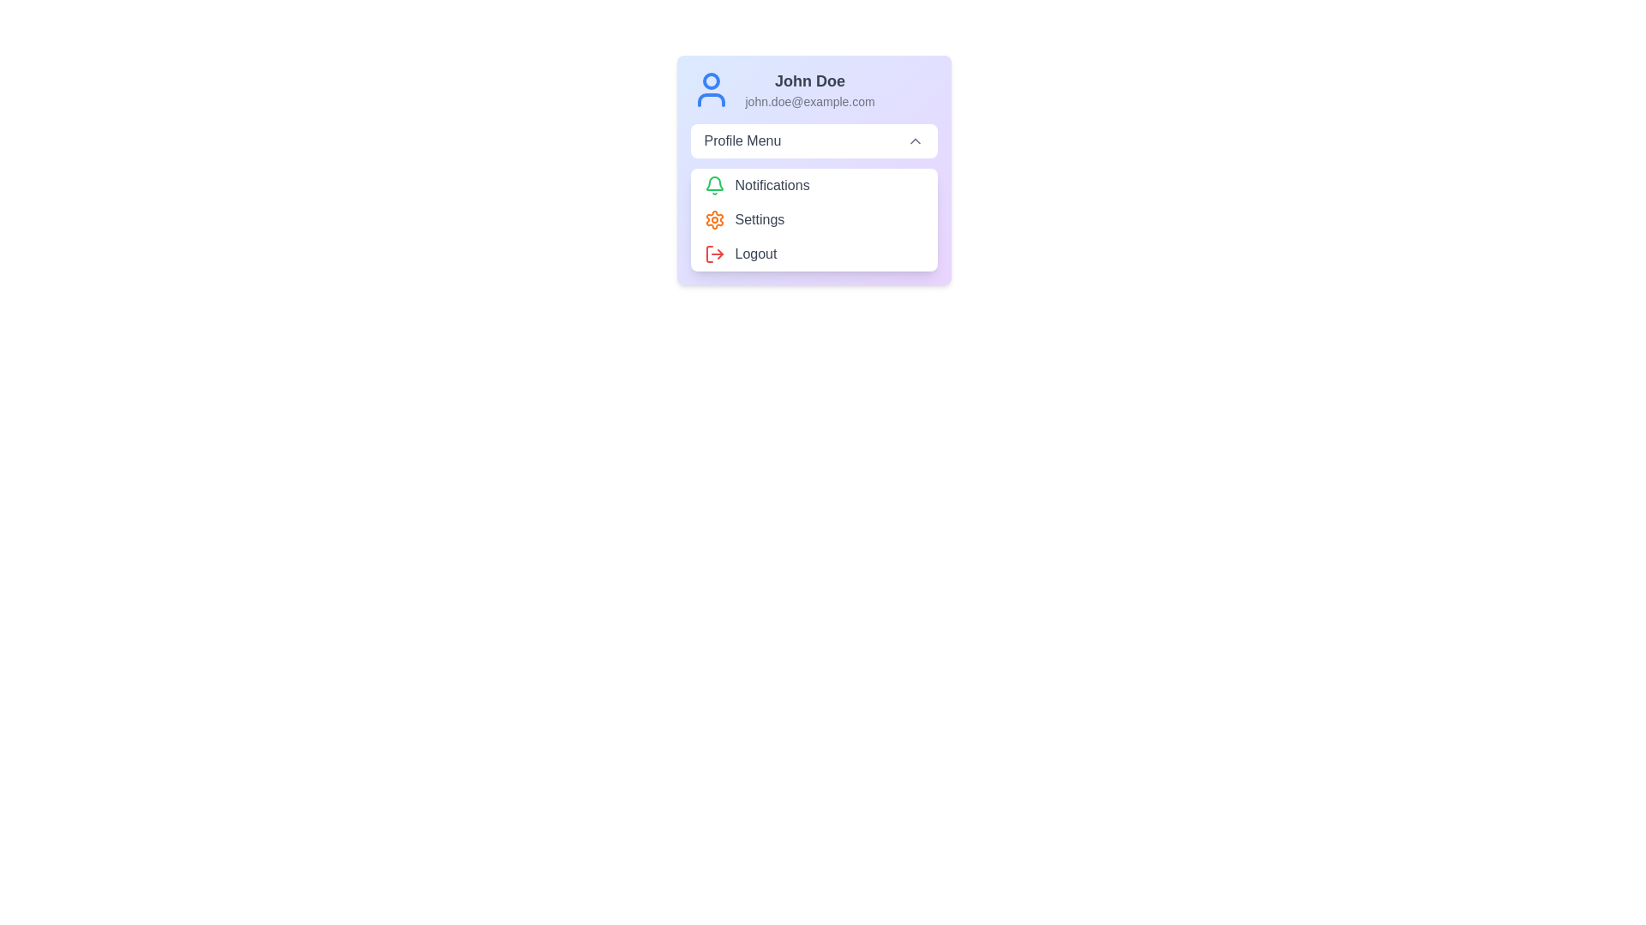 Image resolution: width=1646 pixels, height=925 pixels. What do you see at coordinates (714, 219) in the screenshot?
I see `the orange gear icon representing settings, which is located to the left of the 'Settings' text` at bounding box center [714, 219].